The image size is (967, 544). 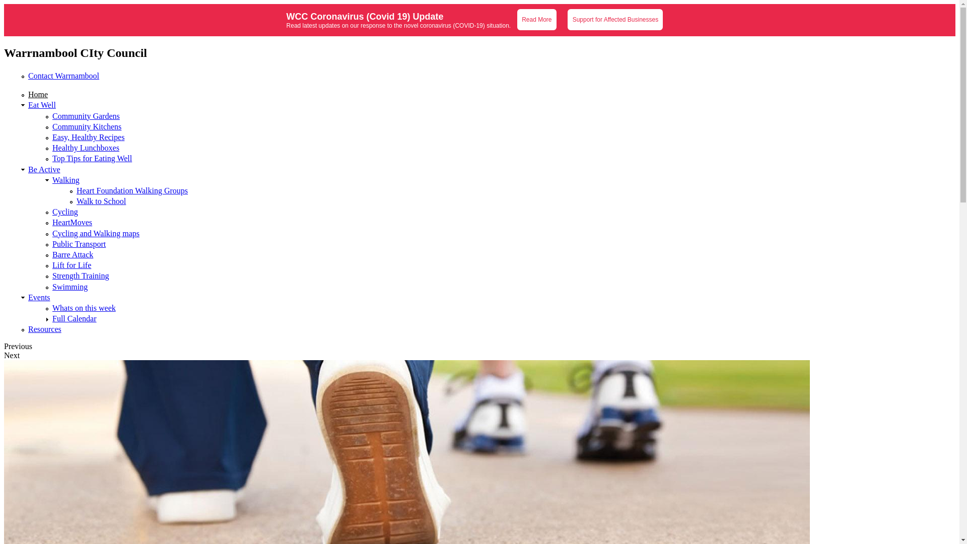 What do you see at coordinates (65, 179) in the screenshot?
I see `'Walking'` at bounding box center [65, 179].